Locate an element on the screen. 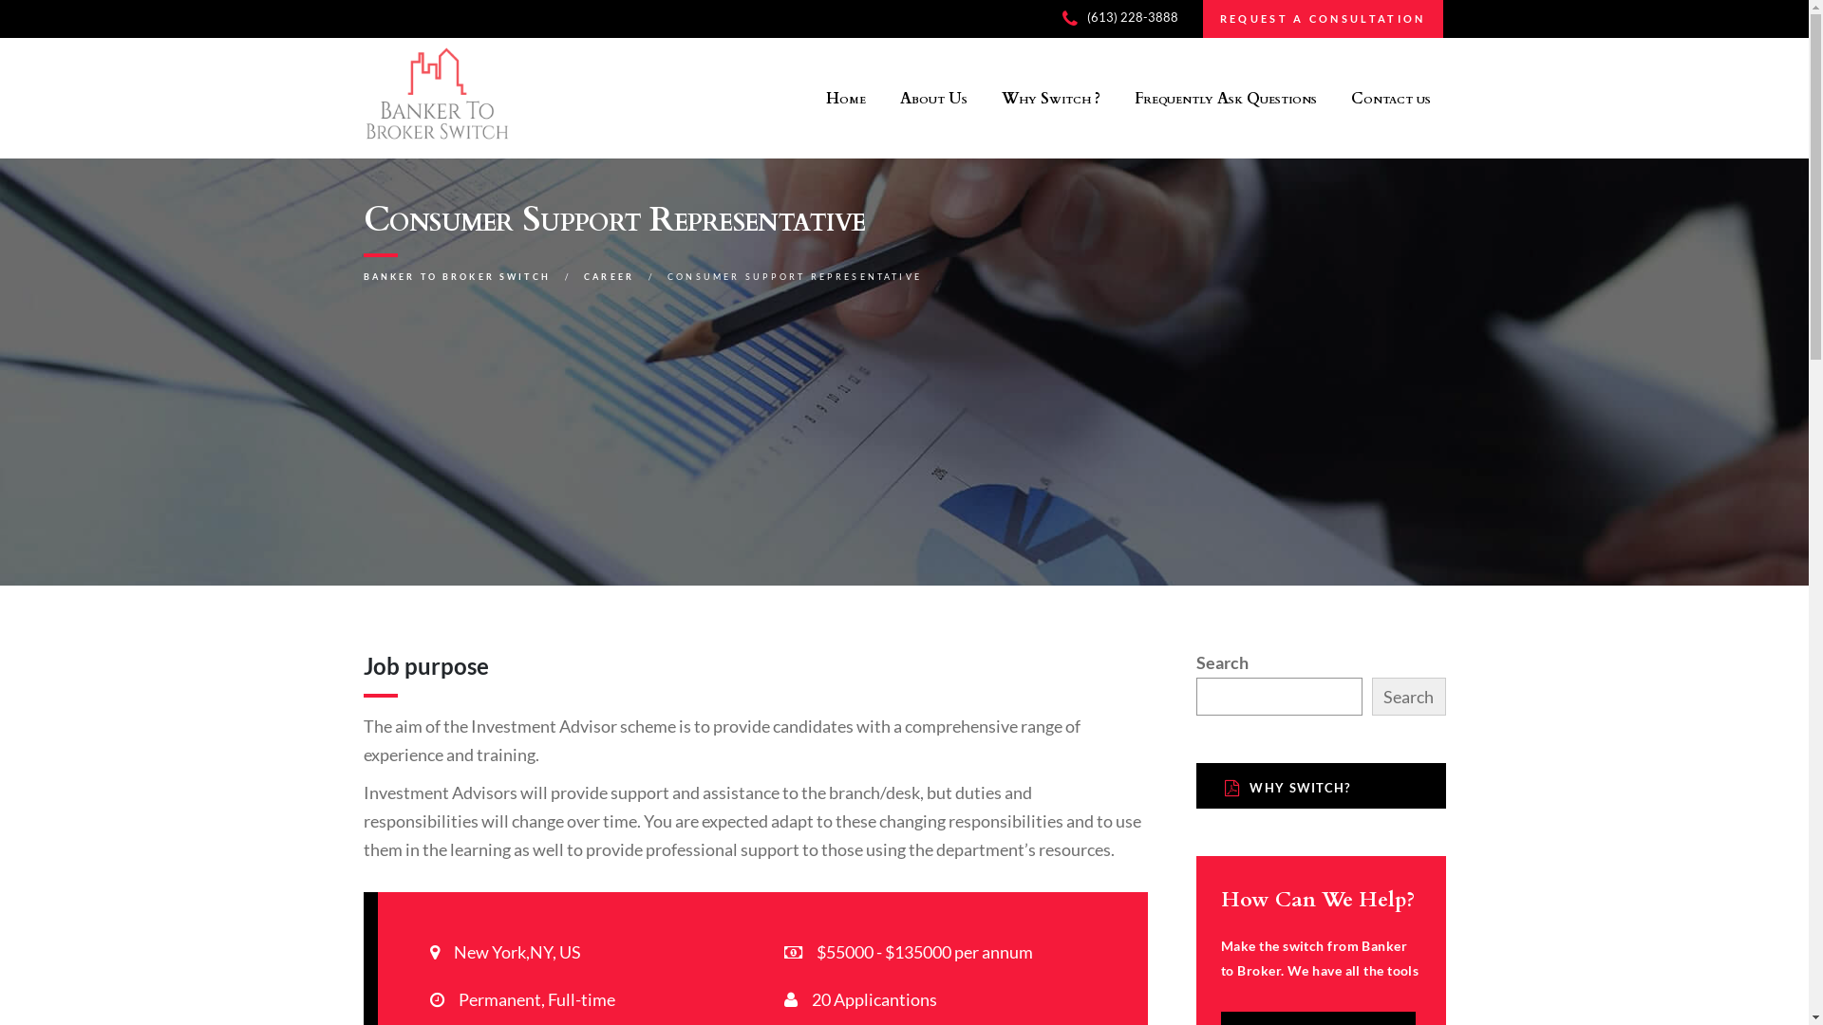 The height and width of the screenshot is (1025, 1823). 'Frequently Ask Questions' is located at coordinates (1120, 98).